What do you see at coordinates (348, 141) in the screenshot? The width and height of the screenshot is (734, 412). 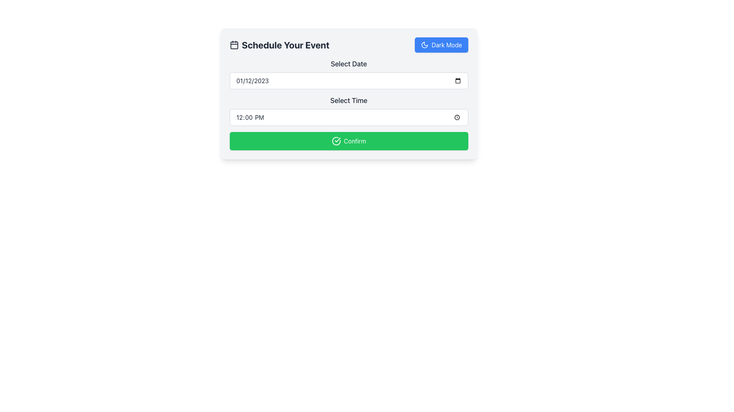 I see `the submission button located at the bottom of the dialog box to confirm the selected date and time inputs` at bounding box center [348, 141].